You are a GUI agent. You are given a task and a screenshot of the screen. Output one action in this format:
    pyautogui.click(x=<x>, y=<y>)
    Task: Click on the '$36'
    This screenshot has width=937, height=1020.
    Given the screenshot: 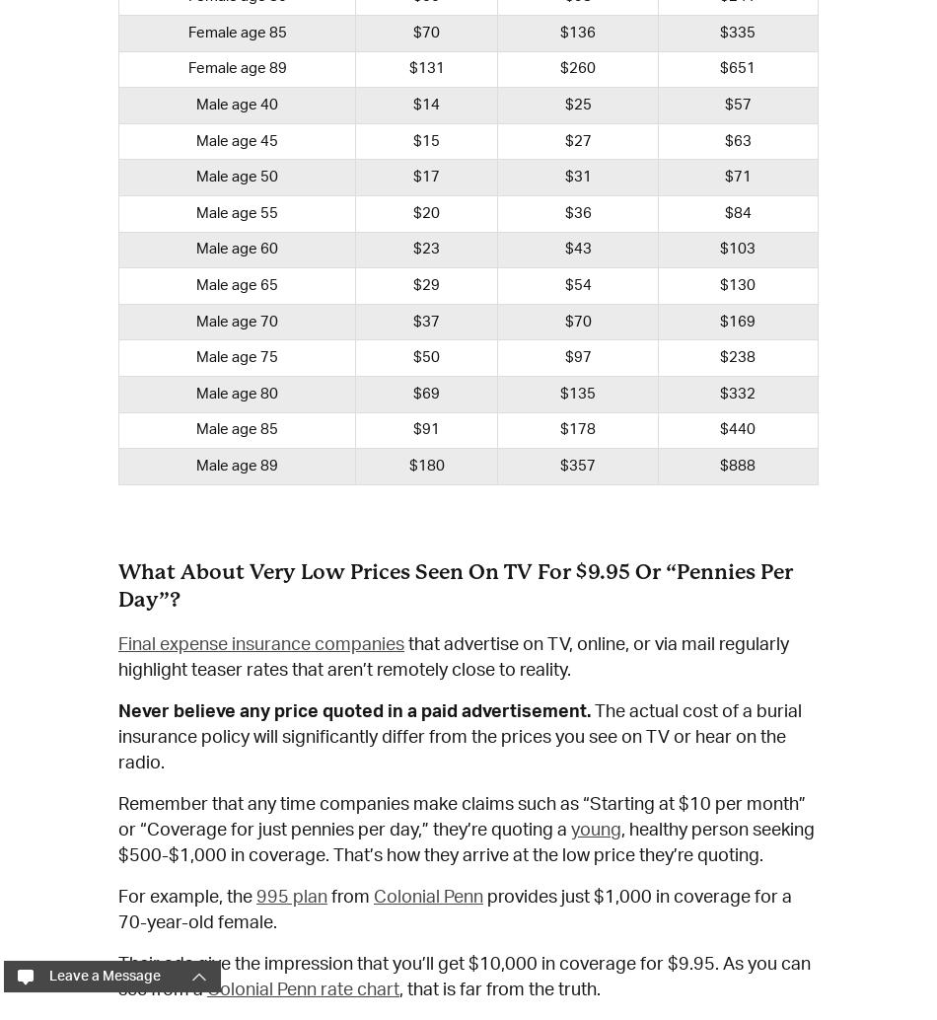 What is the action you would take?
    pyautogui.click(x=577, y=212)
    